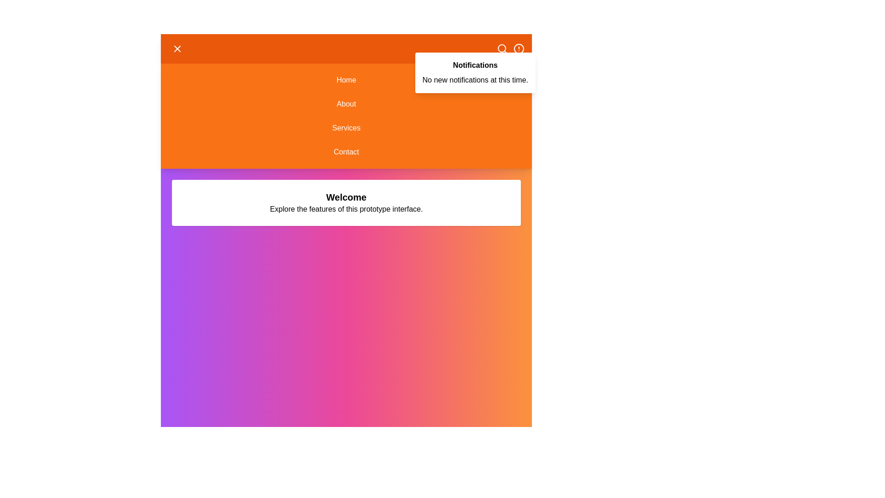 The image size is (885, 498). What do you see at coordinates (346, 79) in the screenshot?
I see `the Home menu option` at bounding box center [346, 79].